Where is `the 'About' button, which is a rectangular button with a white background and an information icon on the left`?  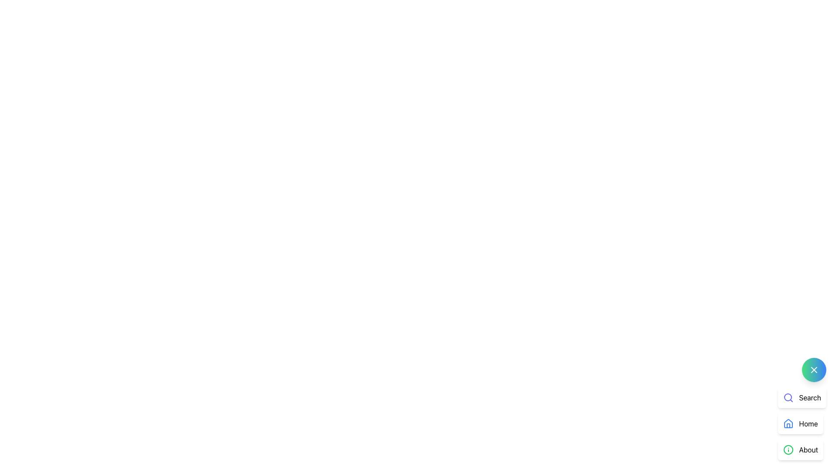 the 'About' button, which is a rectangular button with a white background and an information icon on the left is located at coordinates (800, 449).